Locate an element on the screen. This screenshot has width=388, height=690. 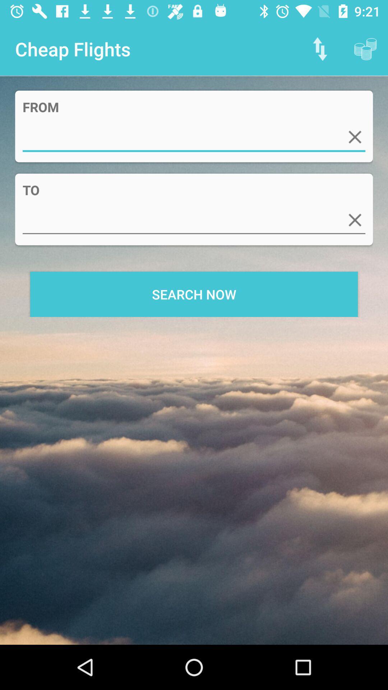
name button is located at coordinates (194, 220).